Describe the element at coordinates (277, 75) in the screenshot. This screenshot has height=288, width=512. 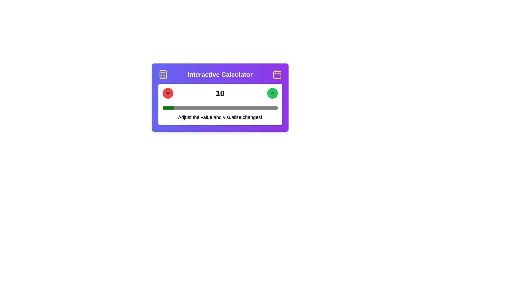
I see `the calendar icon located in the top-right corner of the 'Interactive Calculator' header panel, which is right-aligned to the main title` at that location.